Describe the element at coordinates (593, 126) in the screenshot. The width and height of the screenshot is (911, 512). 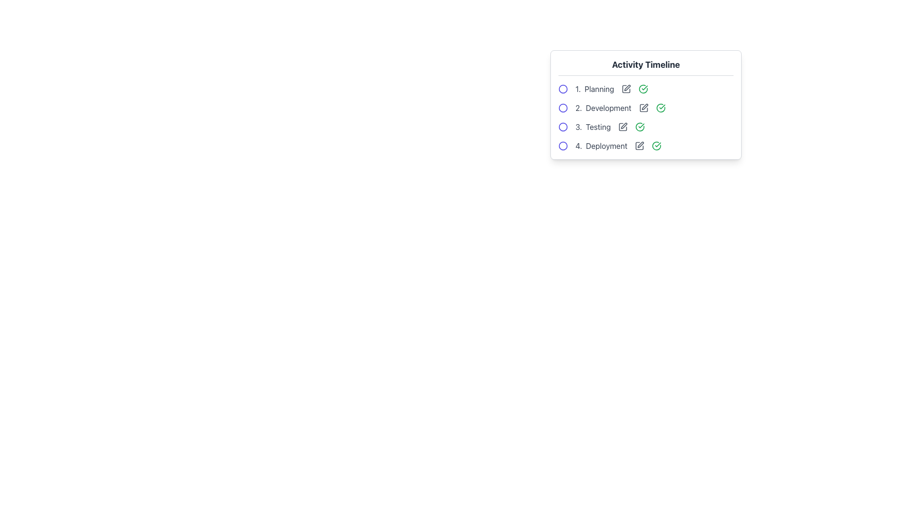
I see `the Text Label '3. Testing', which is styled in gray and represents a step in the Activity Timeline` at that location.